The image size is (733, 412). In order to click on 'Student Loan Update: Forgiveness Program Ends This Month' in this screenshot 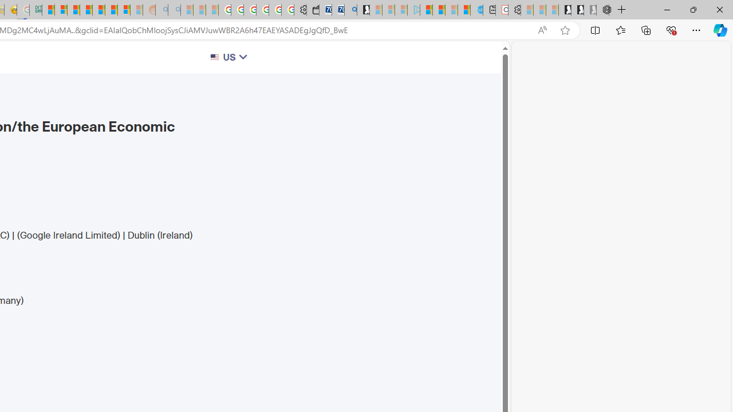, I will do `click(85, 10)`.